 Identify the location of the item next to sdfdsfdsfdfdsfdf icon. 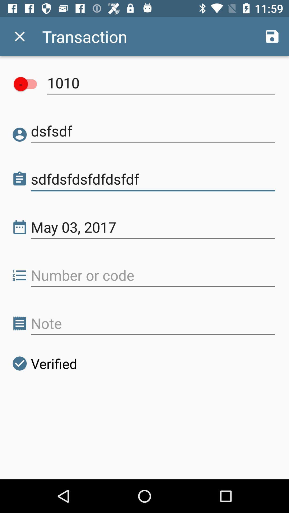
(19, 179).